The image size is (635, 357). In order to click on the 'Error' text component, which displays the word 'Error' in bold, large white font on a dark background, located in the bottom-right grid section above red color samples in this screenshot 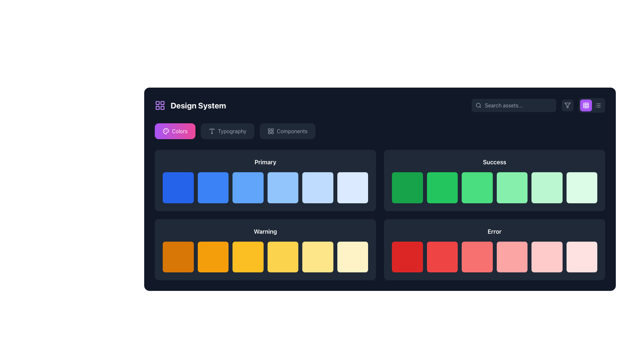, I will do `click(494, 231)`.